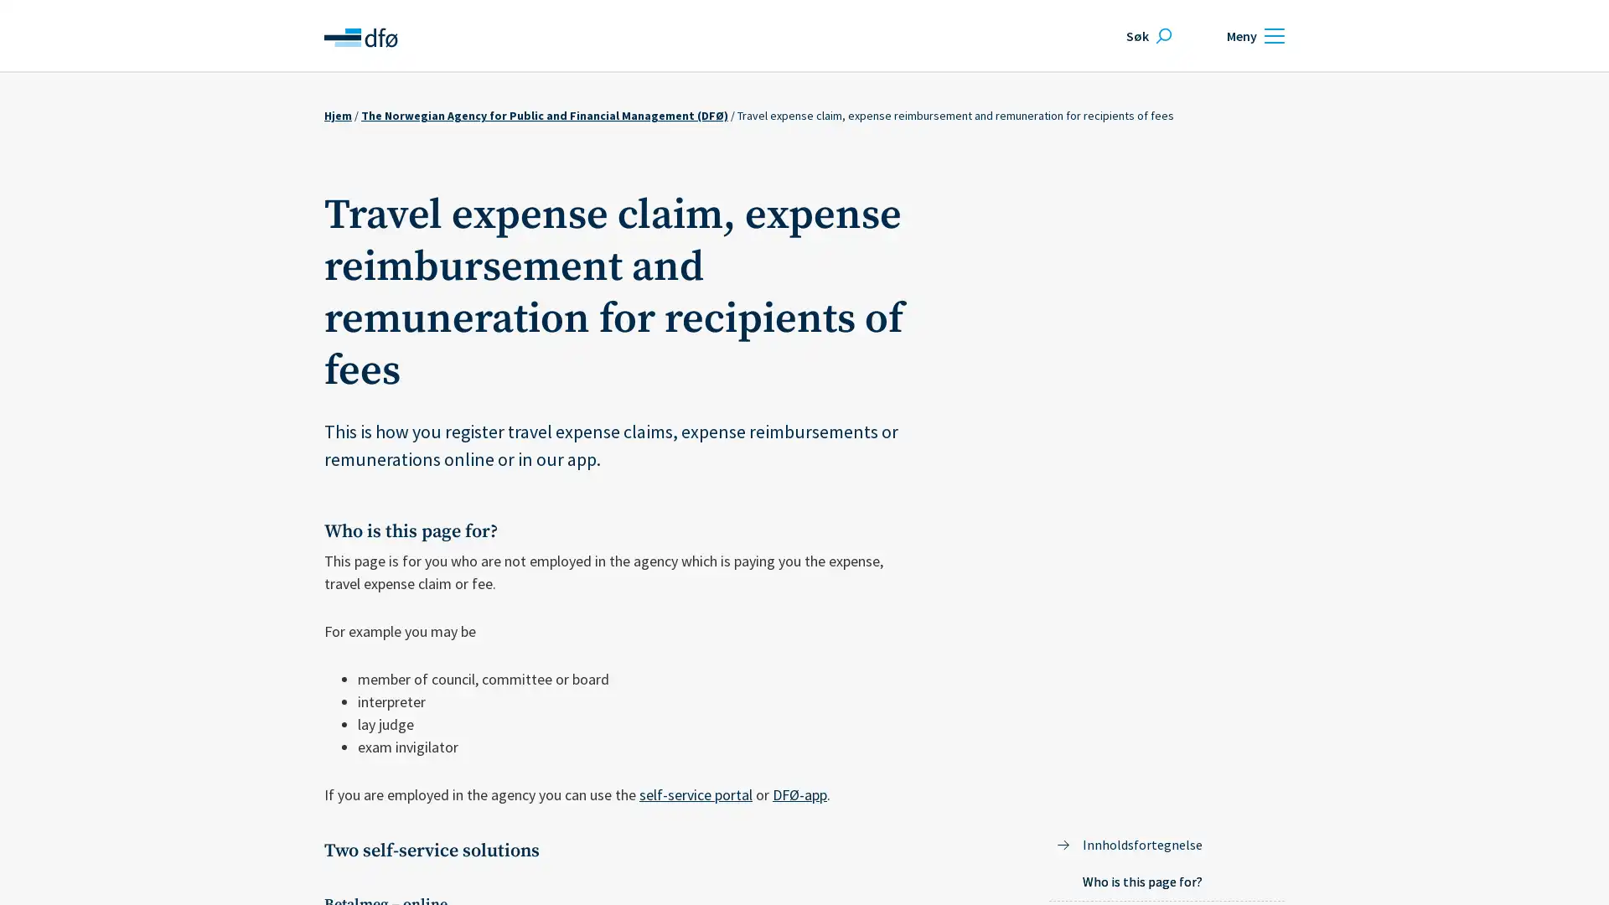 This screenshot has height=905, width=1609. Describe the element at coordinates (1146, 35) in the screenshot. I see `Sk` at that location.